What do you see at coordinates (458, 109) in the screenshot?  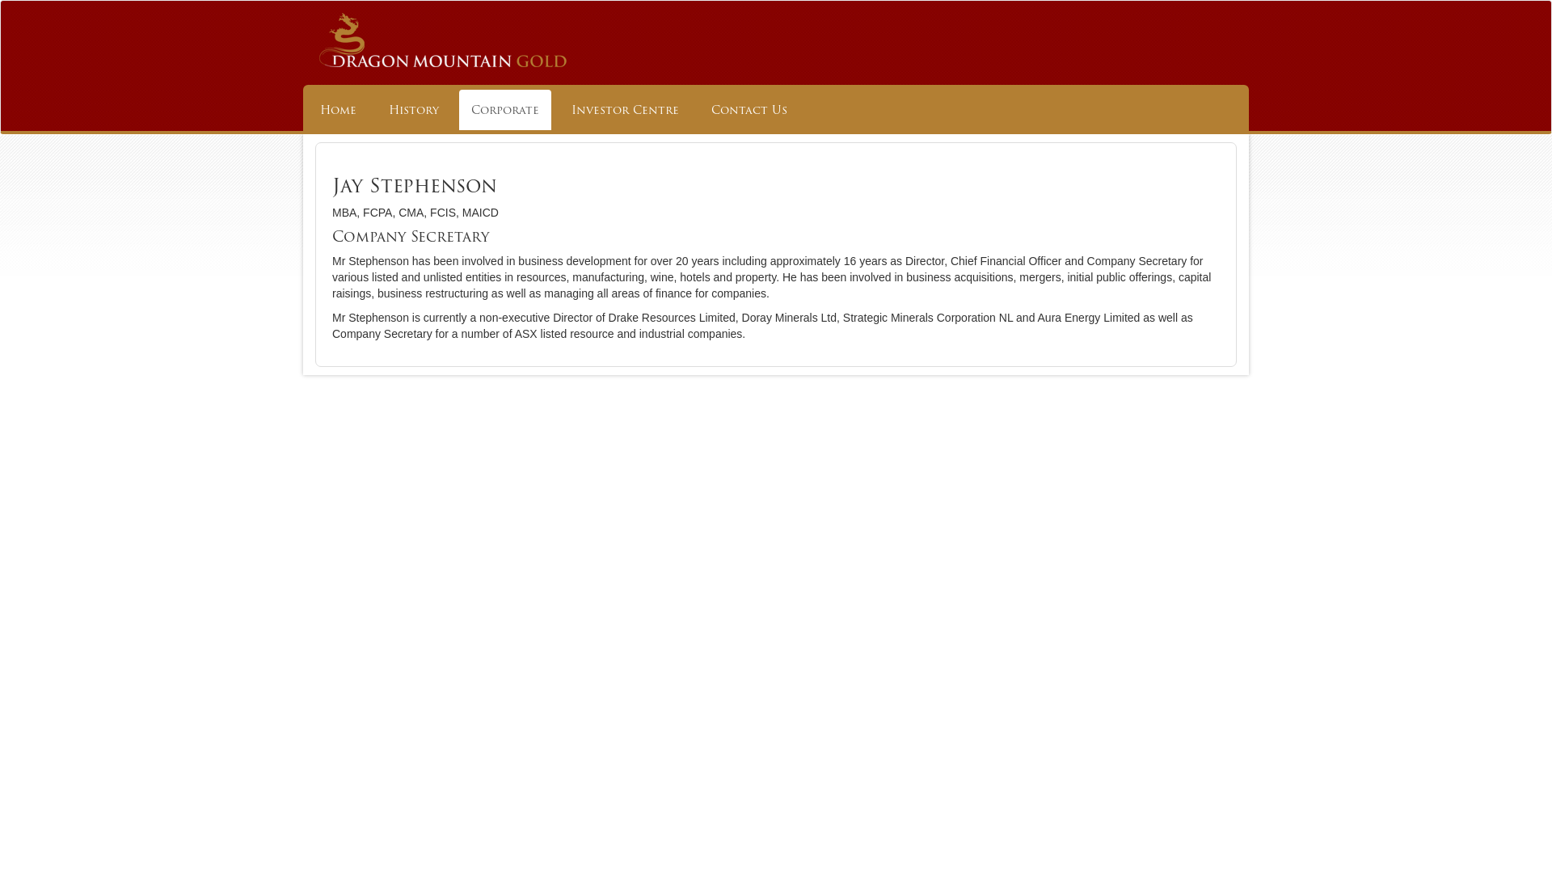 I see `'Corporate'` at bounding box center [458, 109].